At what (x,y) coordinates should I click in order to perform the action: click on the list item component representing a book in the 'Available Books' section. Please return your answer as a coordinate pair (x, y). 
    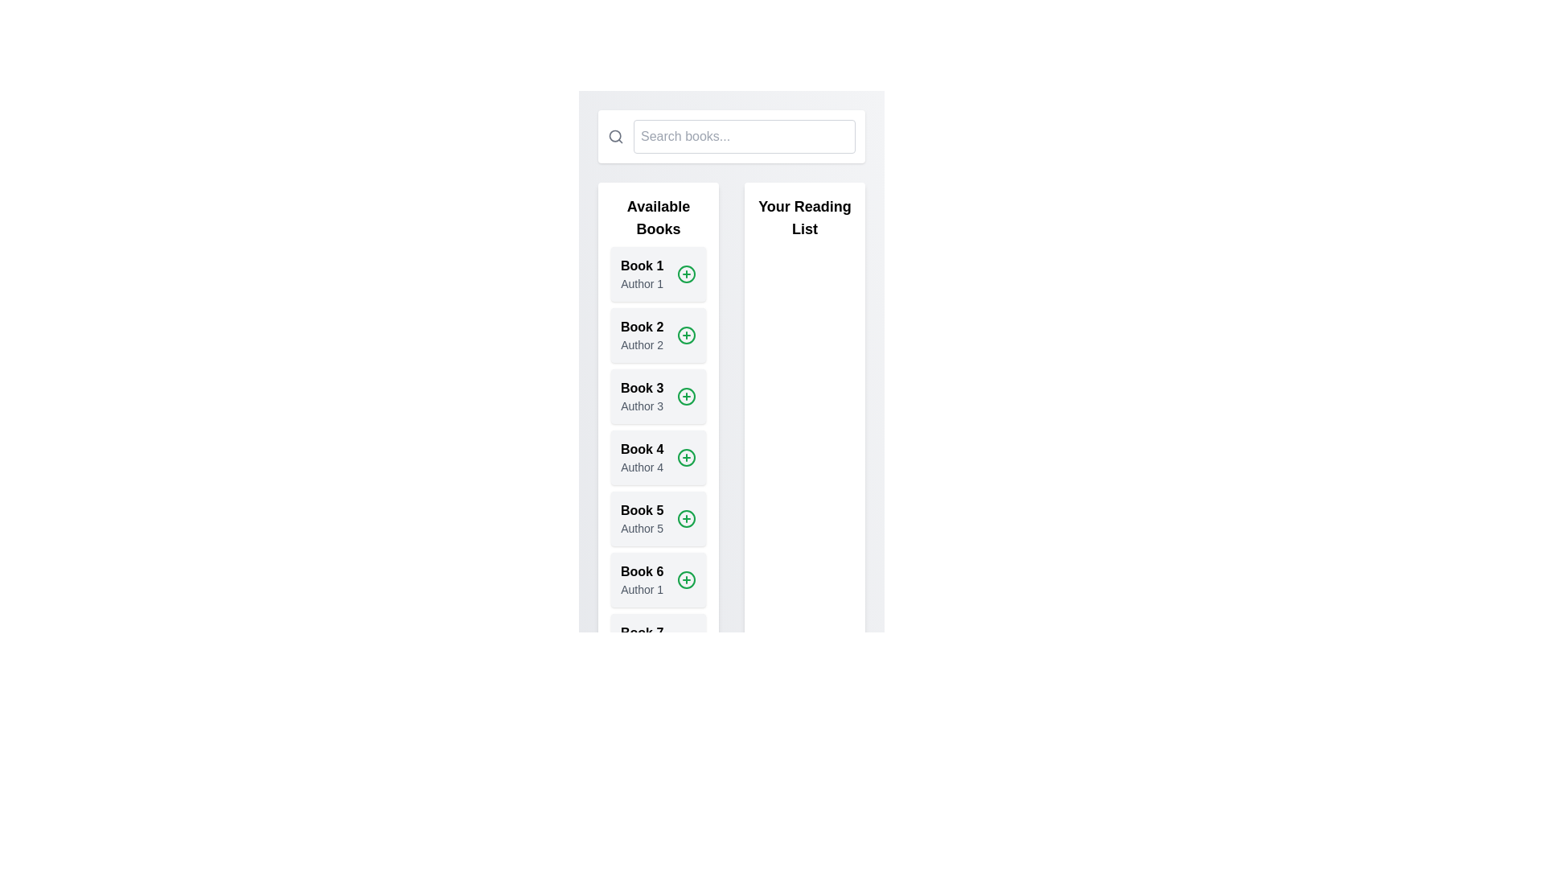
    Looking at the image, I should click on (659, 397).